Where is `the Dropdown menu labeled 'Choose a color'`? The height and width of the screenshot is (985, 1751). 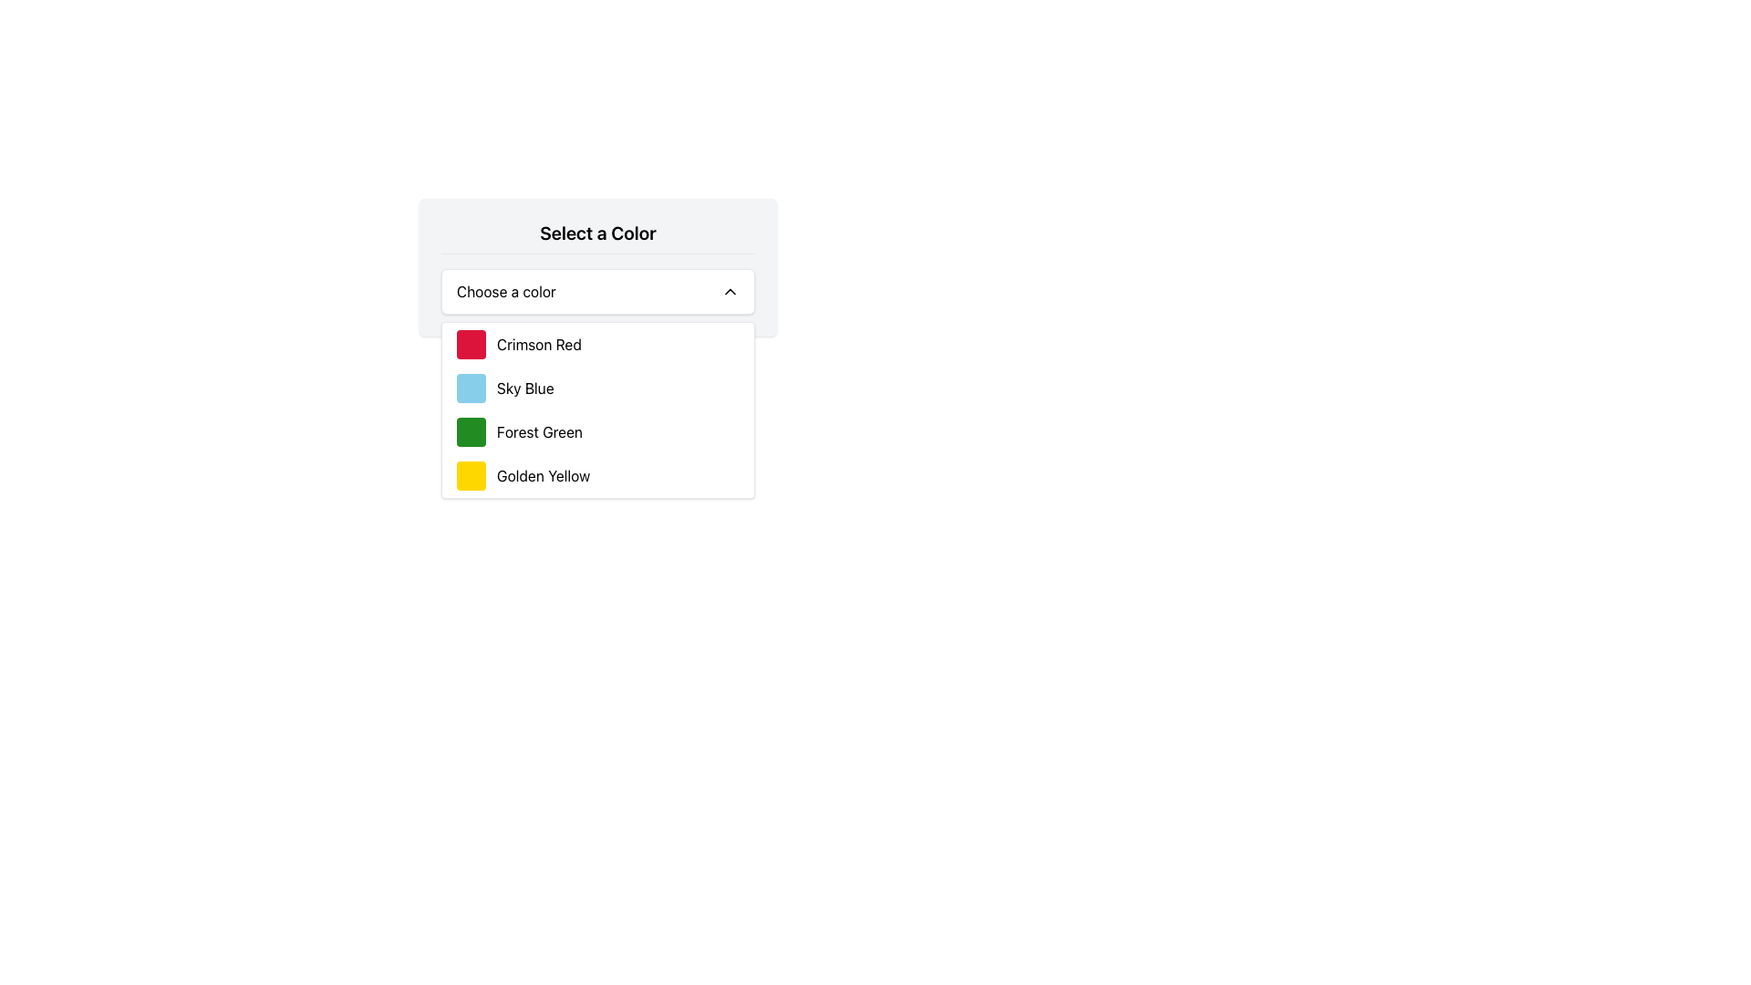
the Dropdown menu labeled 'Choose a color' is located at coordinates (598, 291).